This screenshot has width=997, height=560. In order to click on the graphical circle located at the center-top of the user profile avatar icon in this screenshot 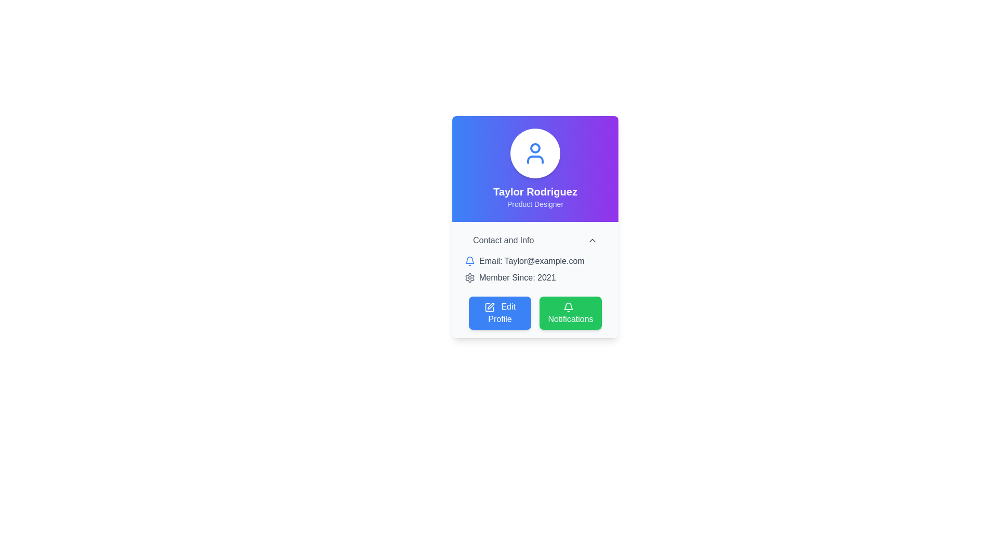, I will do `click(535, 148)`.